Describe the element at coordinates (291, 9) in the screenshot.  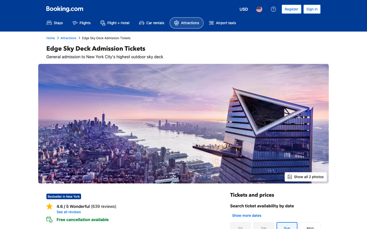
I see `up a new account` at that location.